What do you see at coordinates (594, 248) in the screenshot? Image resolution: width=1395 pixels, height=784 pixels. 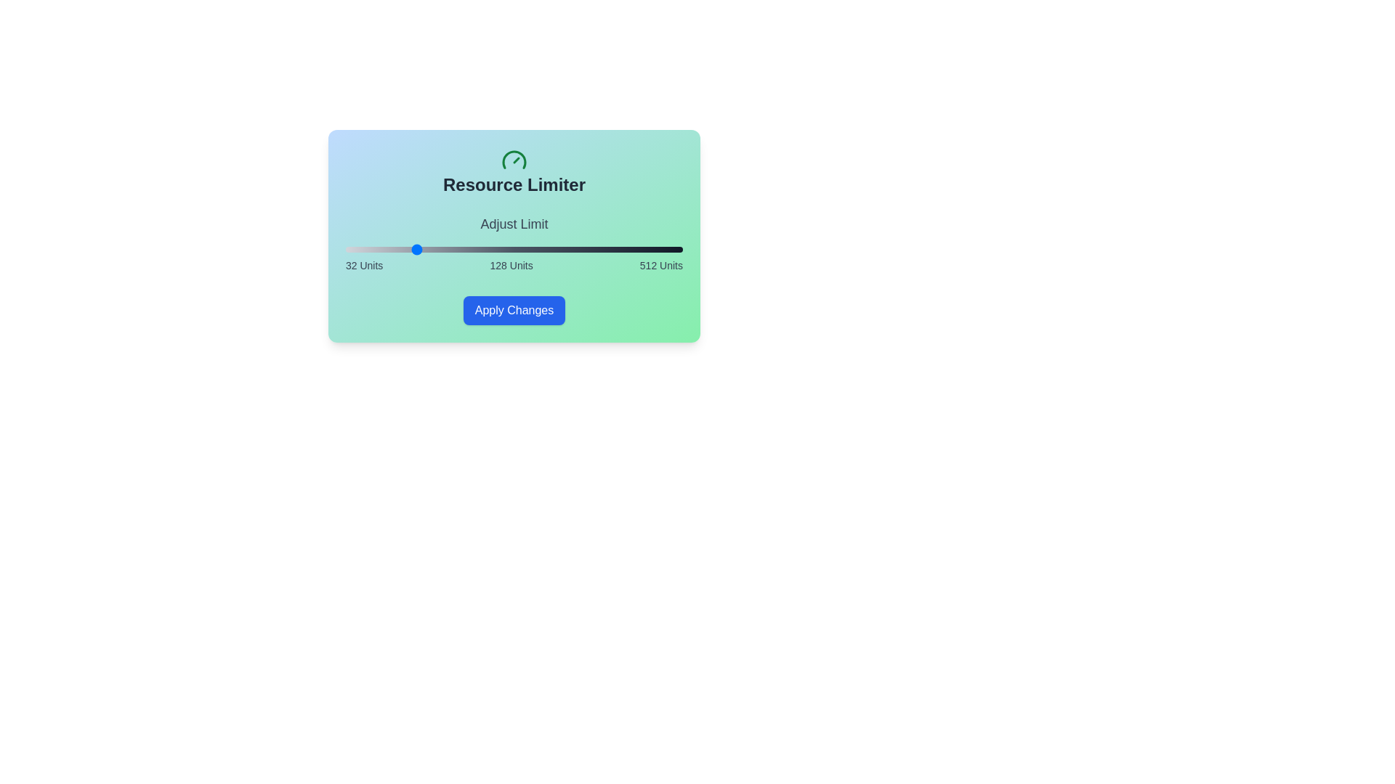 I see `the slider to set its value to 385` at bounding box center [594, 248].